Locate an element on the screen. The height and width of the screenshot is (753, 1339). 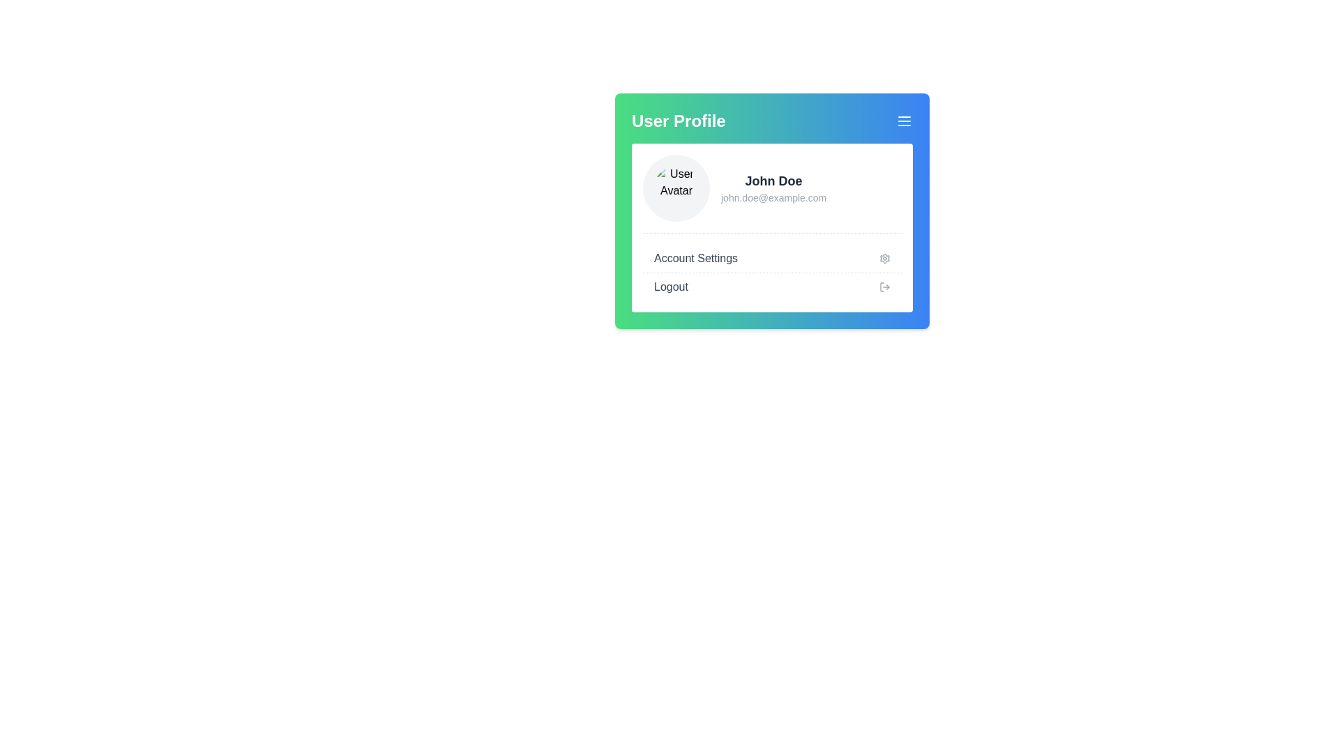
the 'User Profile' text label, which is styled in bold white font against a gradient green to blue background, located at the top-left of a user interface card is located at coordinates (679, 120).